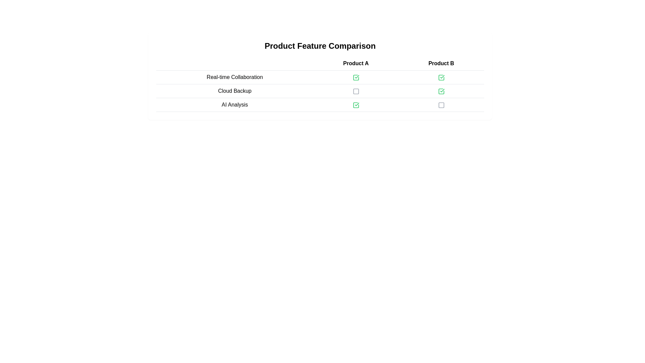  Describe the element at coordinates (355, 91) in the screenshot. I see `the checkbox for the 'Cloud Backup' feature under 'Product A'` at that location.